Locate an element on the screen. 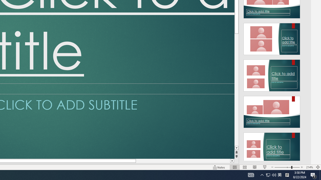  'Reading View' is located at coordinates (255, 167).